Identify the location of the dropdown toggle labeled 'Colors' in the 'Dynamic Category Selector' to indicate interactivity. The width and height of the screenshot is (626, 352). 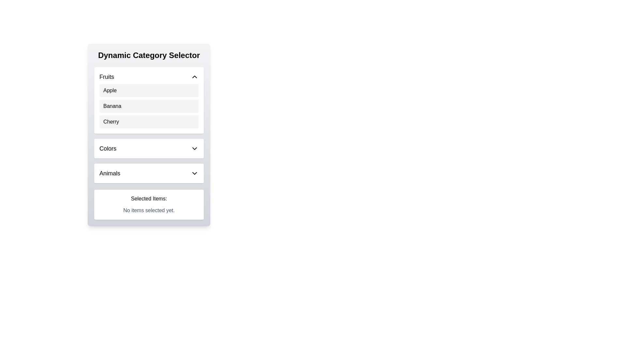
(148, 148).